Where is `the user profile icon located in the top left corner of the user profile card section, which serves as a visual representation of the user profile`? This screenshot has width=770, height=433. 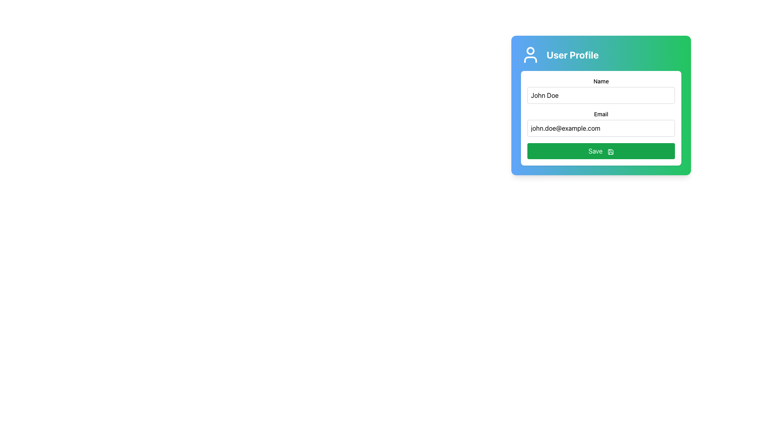 the user profile icon located in the top left corner of the user profile card section, which serves as a visual representation of the user profile is located at coordinates (531, 55).